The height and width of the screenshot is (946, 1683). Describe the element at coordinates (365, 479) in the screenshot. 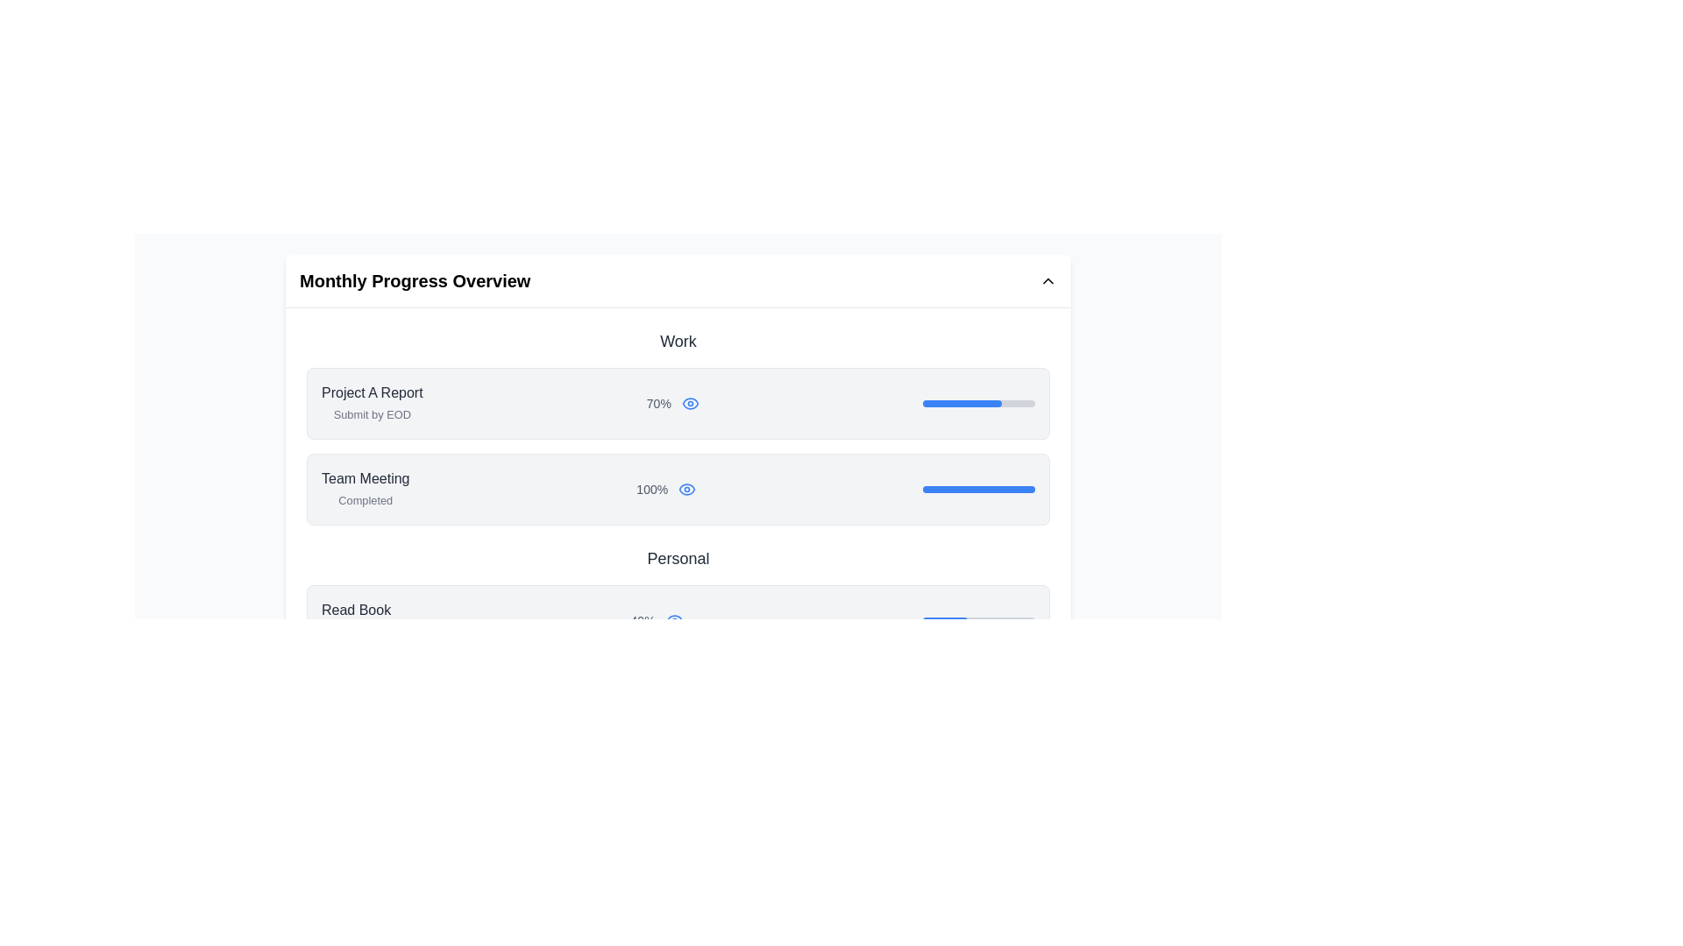

I see `the text label containing 'Team Meeting' which is styled in gray and located in the second entry of the 'Work' list in the 'Monthly Progress Overview' section` at that location.